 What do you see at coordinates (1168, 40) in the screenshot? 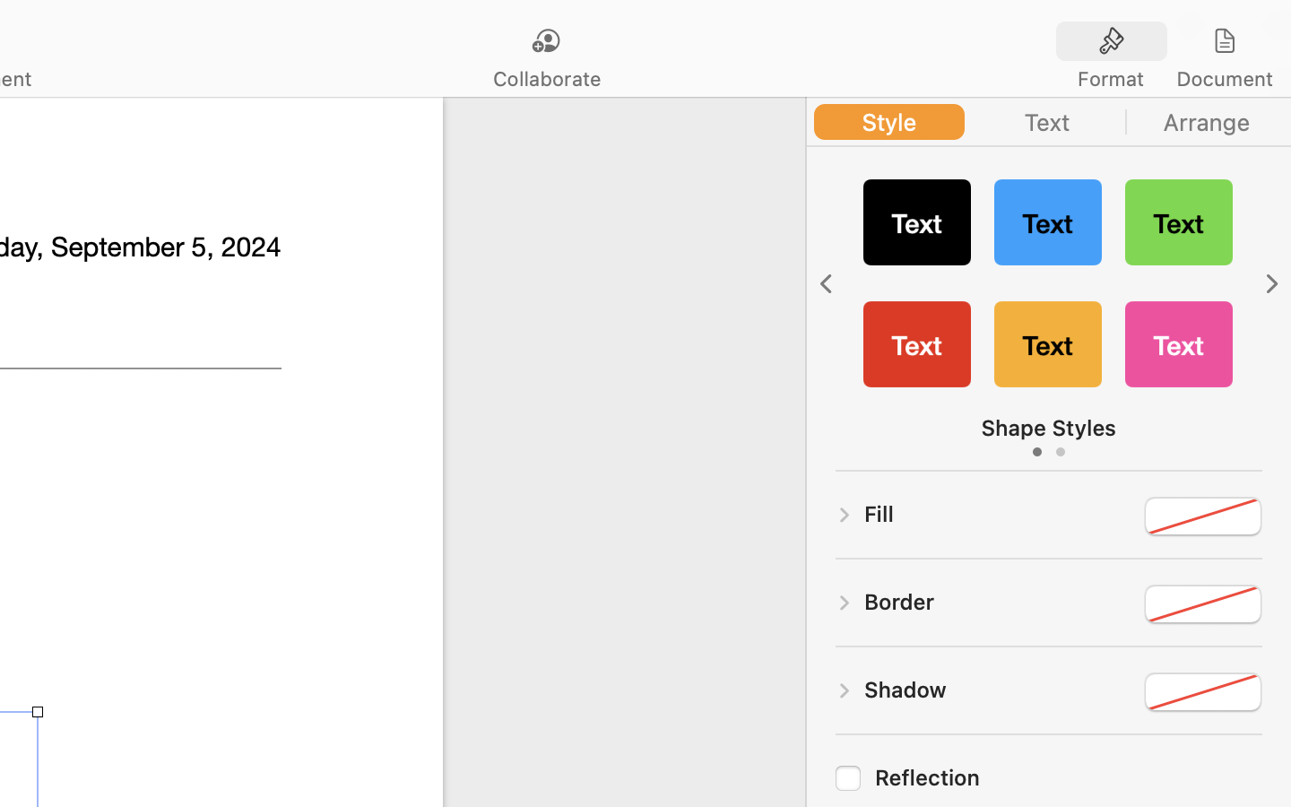
I see `'<AXUIElement 0x28b925910> {pid=1482}'` at bounding box center [1168, 40].